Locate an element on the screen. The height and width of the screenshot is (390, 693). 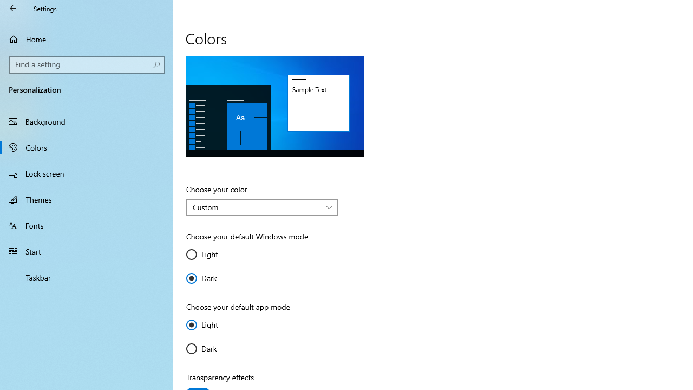
'Background' is located at coordinates (87, 121).